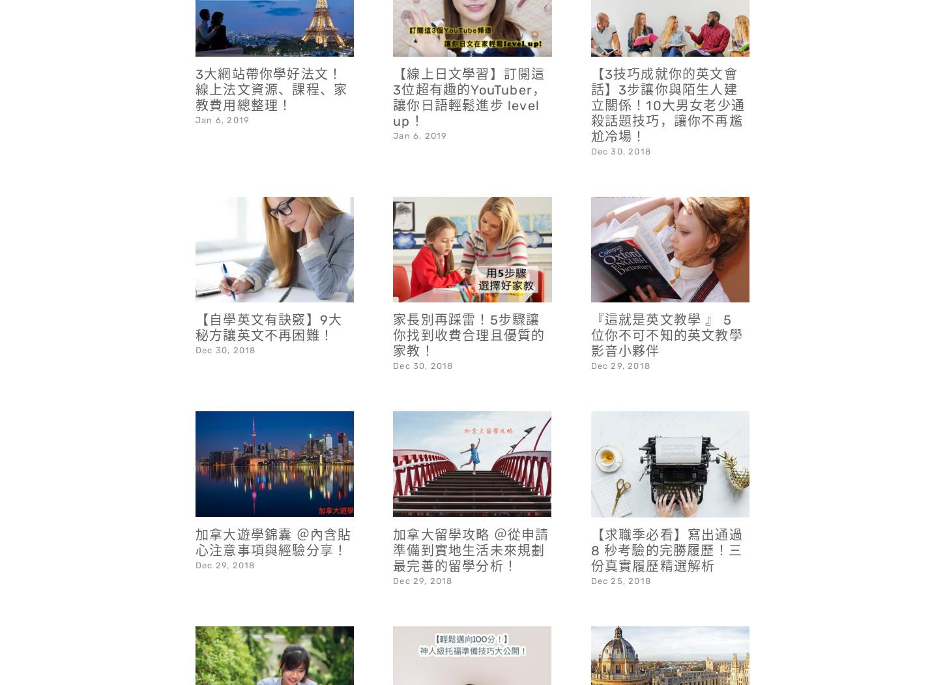 The image size is (945, 685). I want to click on '『這就是英文教學 』 5 位你不可不知的英文教學影音小夥伴', so click(666, 300).